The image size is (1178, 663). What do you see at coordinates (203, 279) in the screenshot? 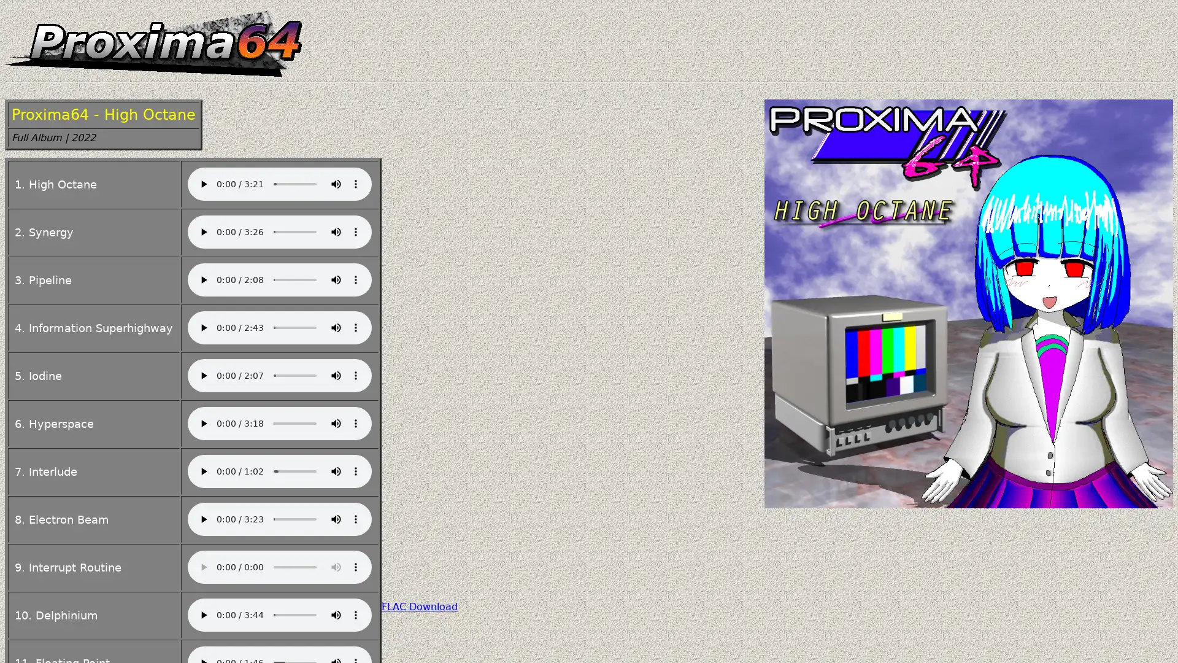
I see `play` at bounding box center [203, 279].